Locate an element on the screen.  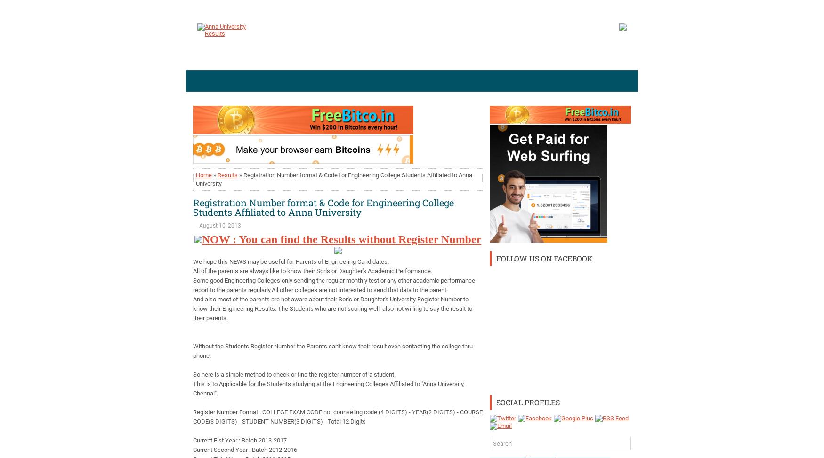
'This is to Applicable for the Students studying at the Engineering Colleges Affiliated to "Anna University, Chennai".' is located at coordinates (193, 388).